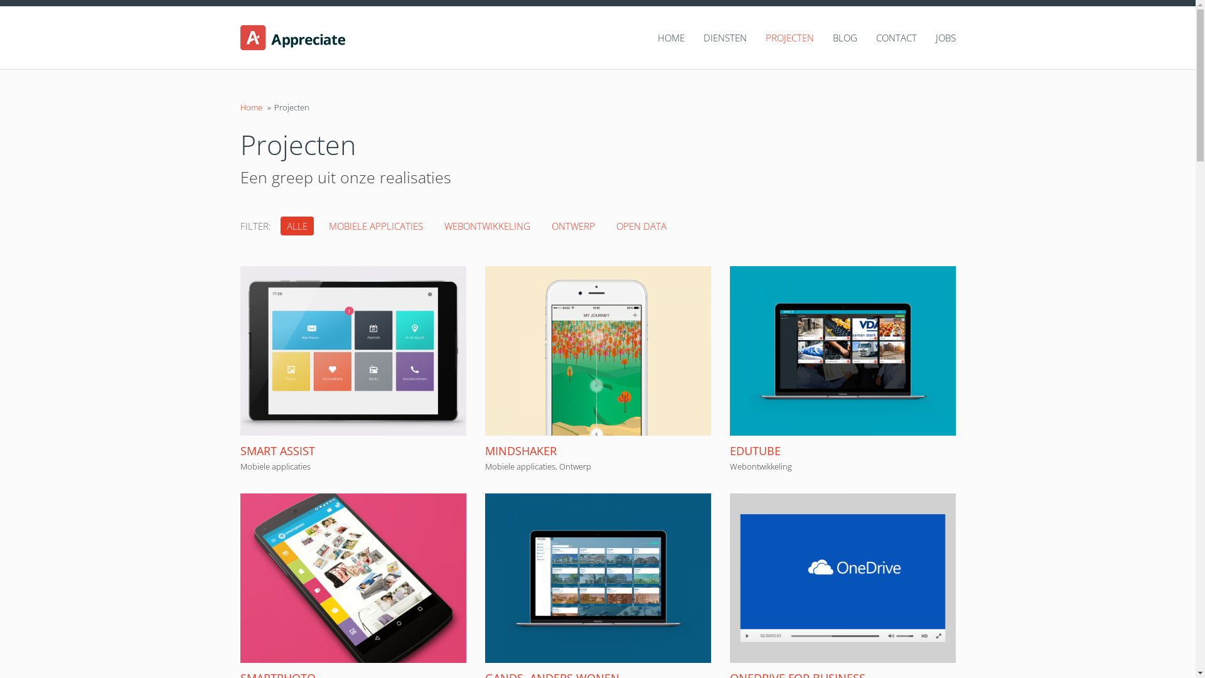  I want to click on 'BLOG', so click(813, 37).